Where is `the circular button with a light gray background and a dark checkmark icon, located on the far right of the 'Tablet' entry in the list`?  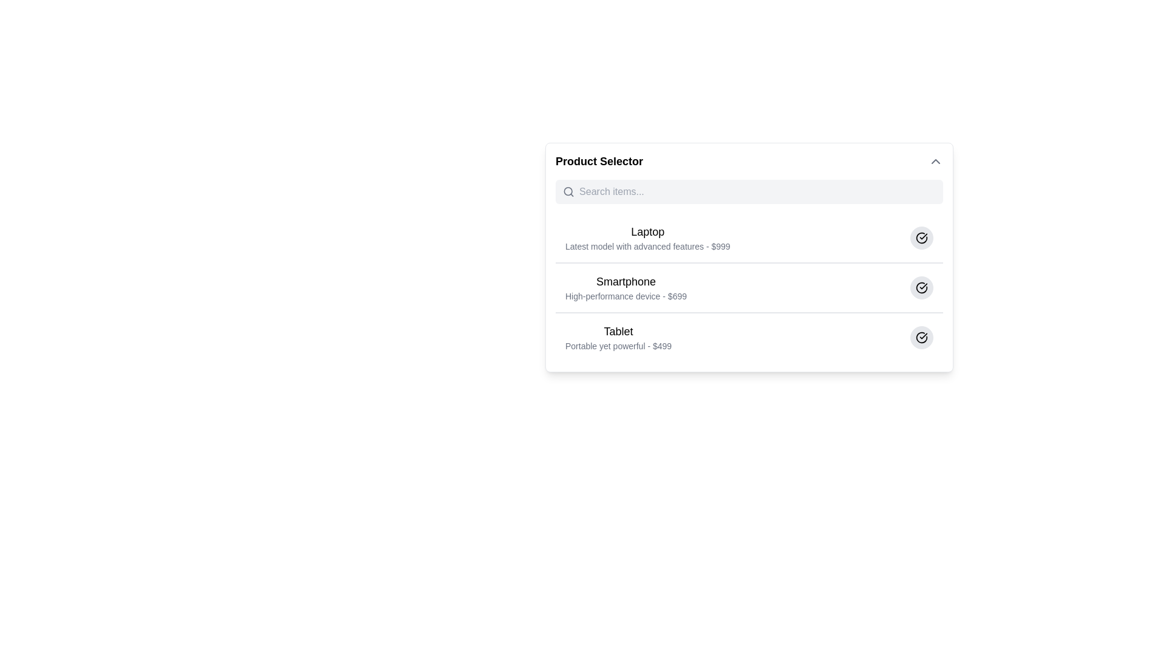
the circular button with a light gray background and a dark checkmark icon, located on the far right of the 'Tablet' entry in the list is located at coordinates (921, 337).